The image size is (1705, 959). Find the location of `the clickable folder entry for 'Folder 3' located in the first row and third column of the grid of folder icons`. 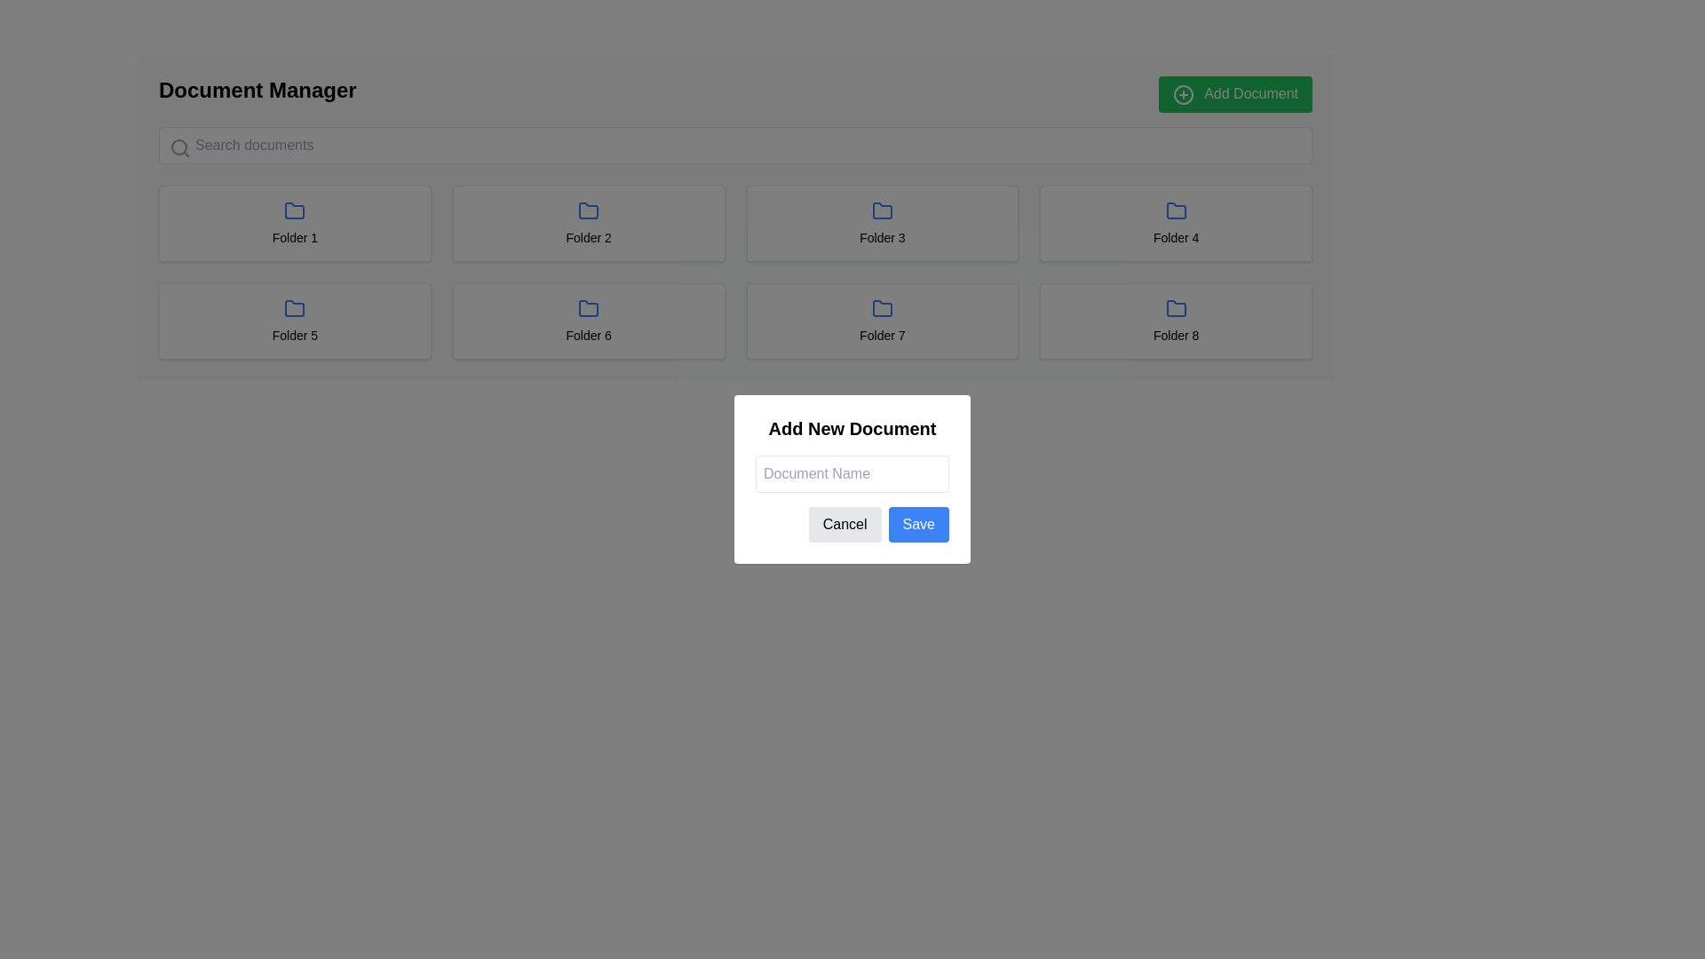

the clickable folder entry for 'Folder 3' located in the first row and third column of the grid of folder icons is located at coordinates (882, 222).